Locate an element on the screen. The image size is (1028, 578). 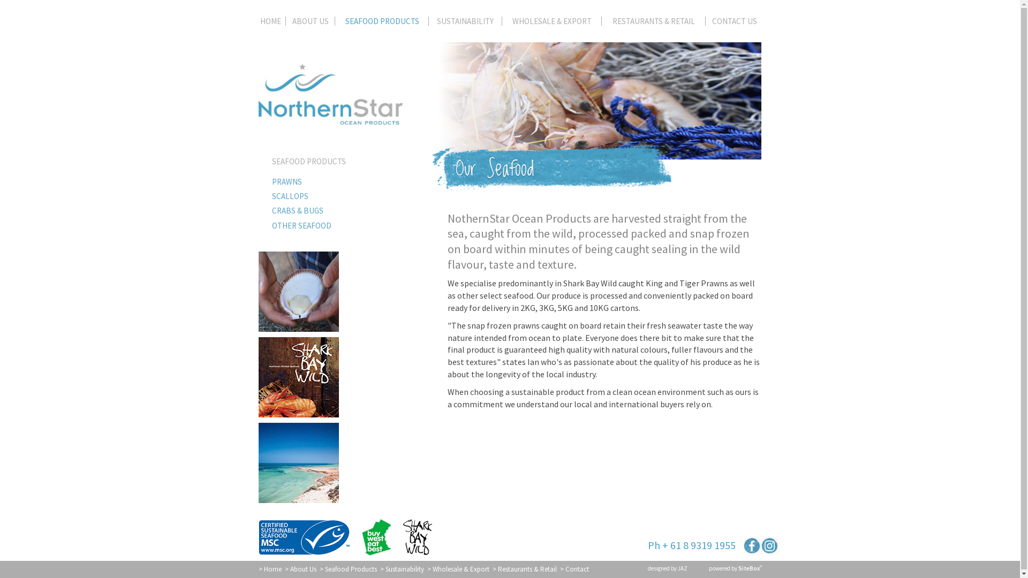
'> About Us' is located at coordinates (285, 568).